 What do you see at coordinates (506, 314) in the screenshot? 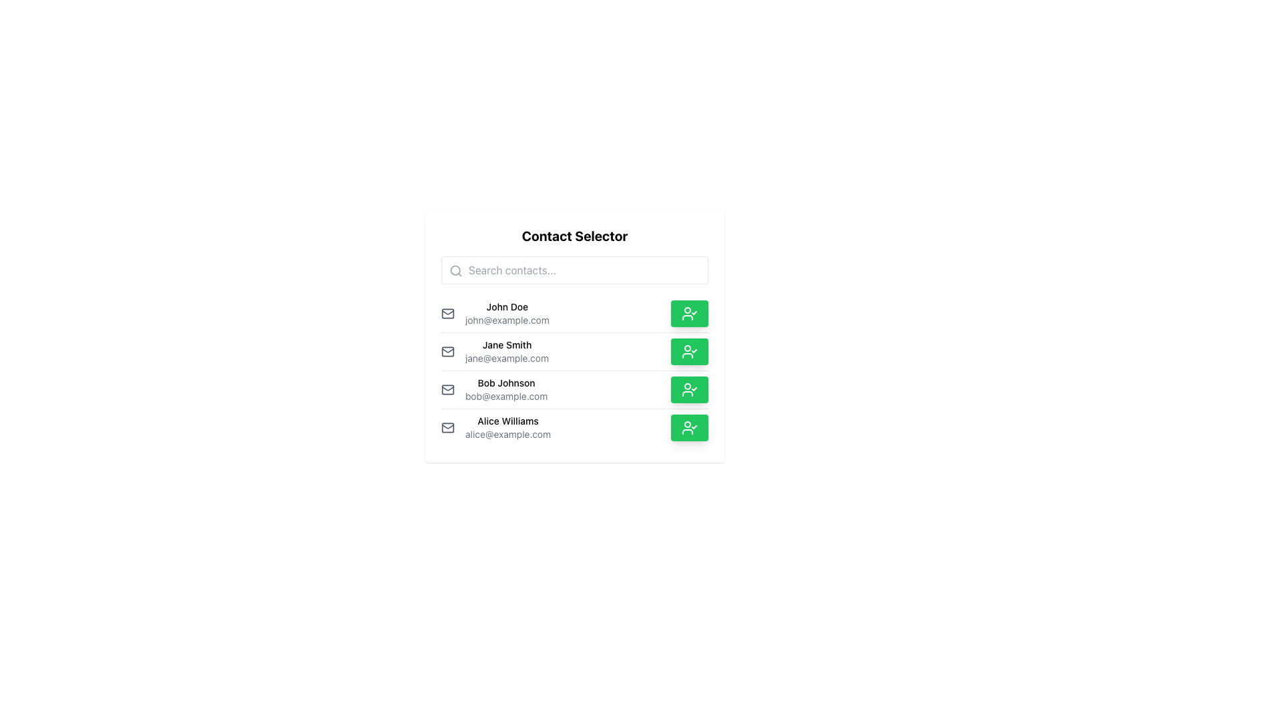
I see `the contact row displaying 'John Doe' and 'john@example.com'` at bounding box center [506, 314].